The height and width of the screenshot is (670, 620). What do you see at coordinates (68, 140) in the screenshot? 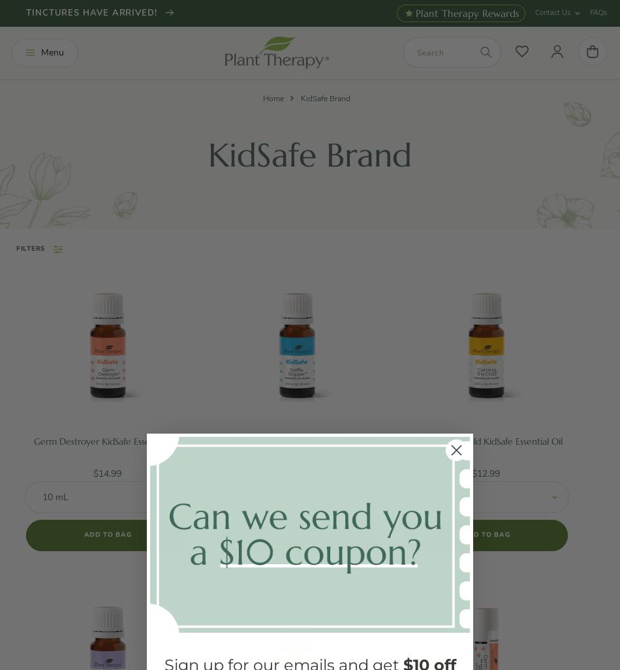
I see `'Essential Oils'` at bounding box center [68, 140].